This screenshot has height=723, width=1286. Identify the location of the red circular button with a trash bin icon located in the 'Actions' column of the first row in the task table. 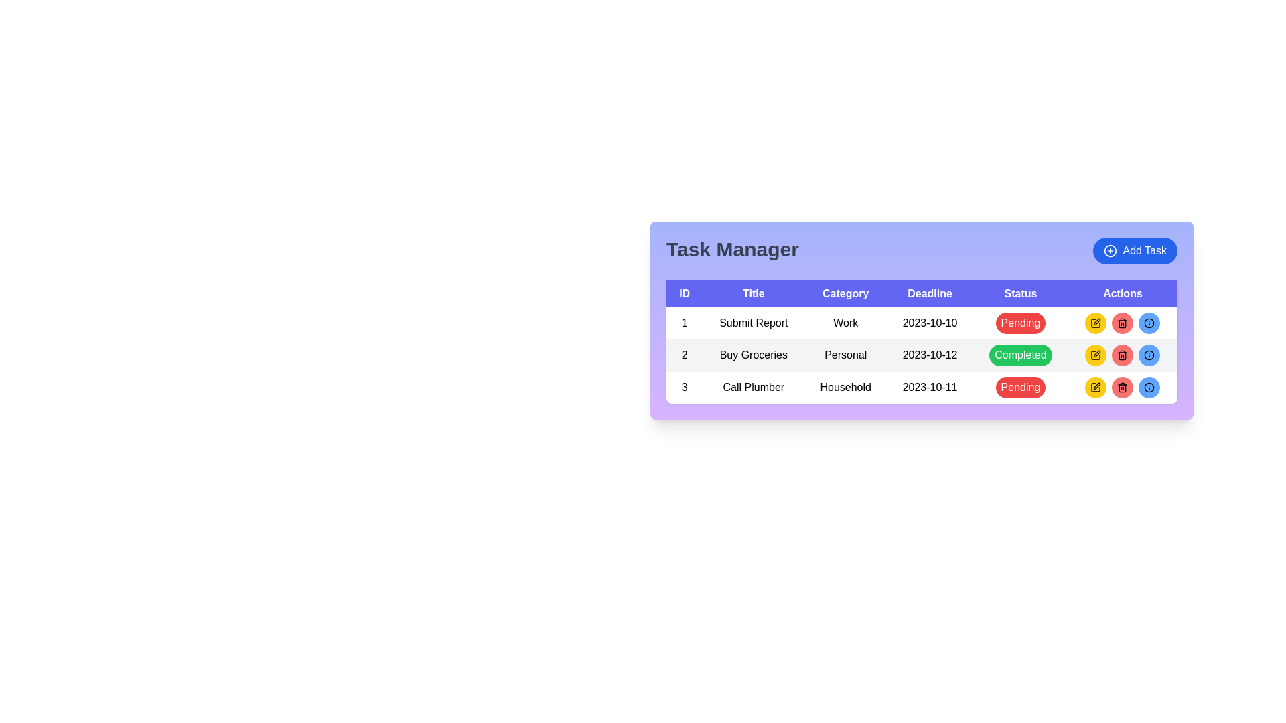
(1123, 323).